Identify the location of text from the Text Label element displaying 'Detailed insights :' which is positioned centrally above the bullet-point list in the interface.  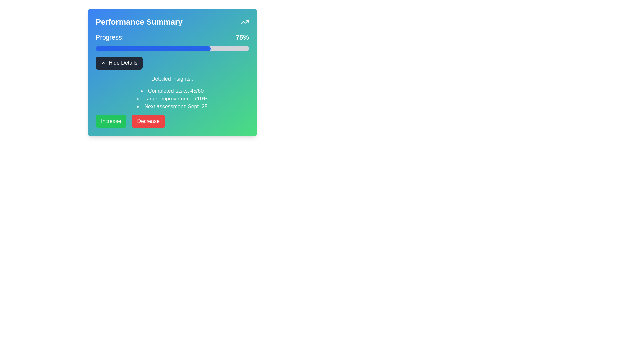
(172, 79).